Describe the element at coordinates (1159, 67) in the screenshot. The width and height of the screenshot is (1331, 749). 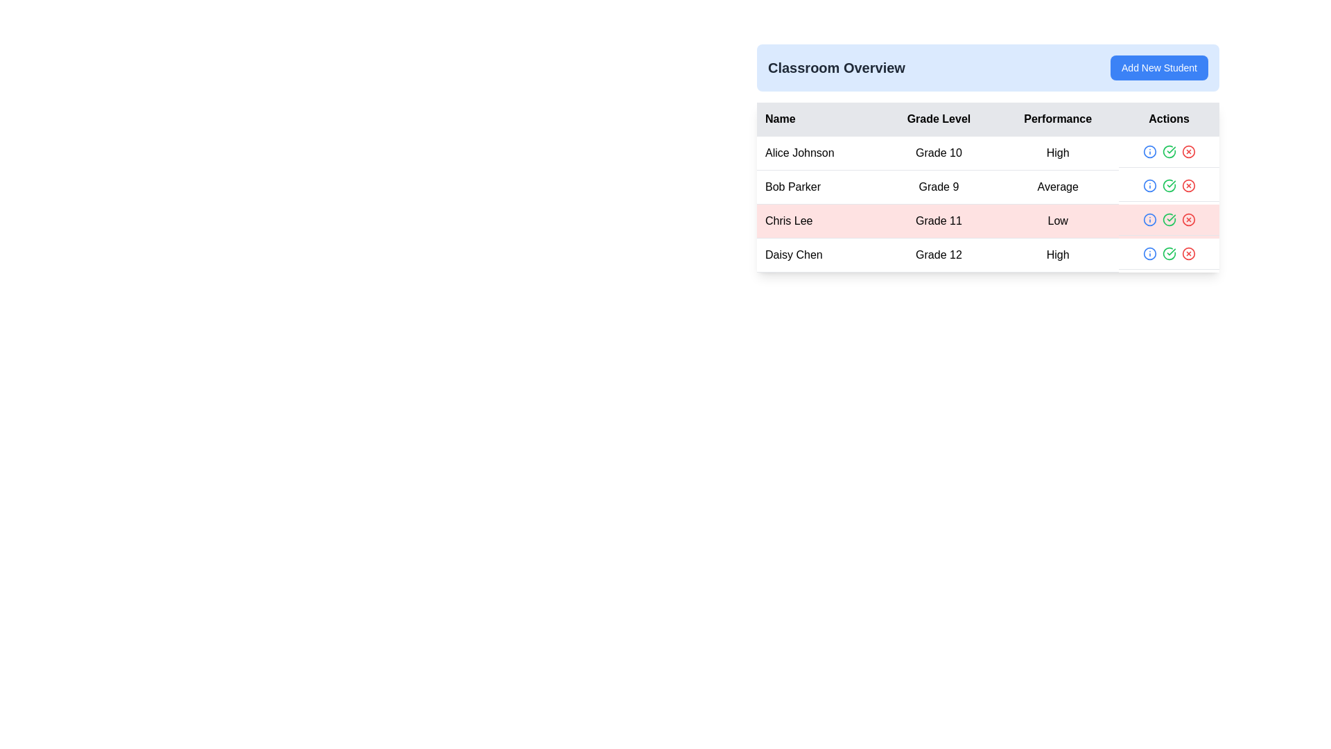
I see `the 'Add New Student' button with a blue background to change its background color` at that location.